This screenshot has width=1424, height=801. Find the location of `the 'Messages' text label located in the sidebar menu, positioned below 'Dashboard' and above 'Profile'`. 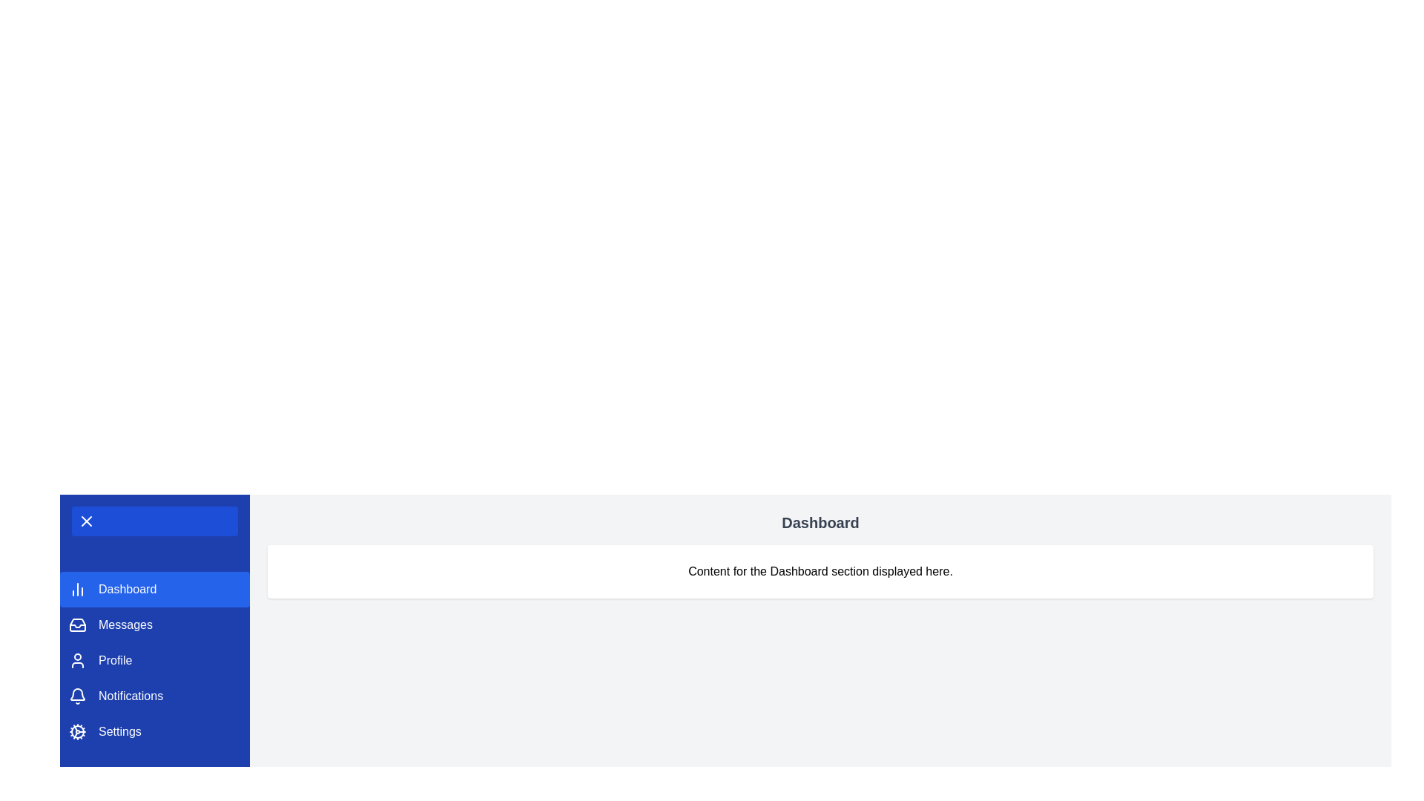

the 'Messages' text label located in the sidebar menu, positioned below 'Dashboard' and above 'Profile' is located at coordinates (125, 625).